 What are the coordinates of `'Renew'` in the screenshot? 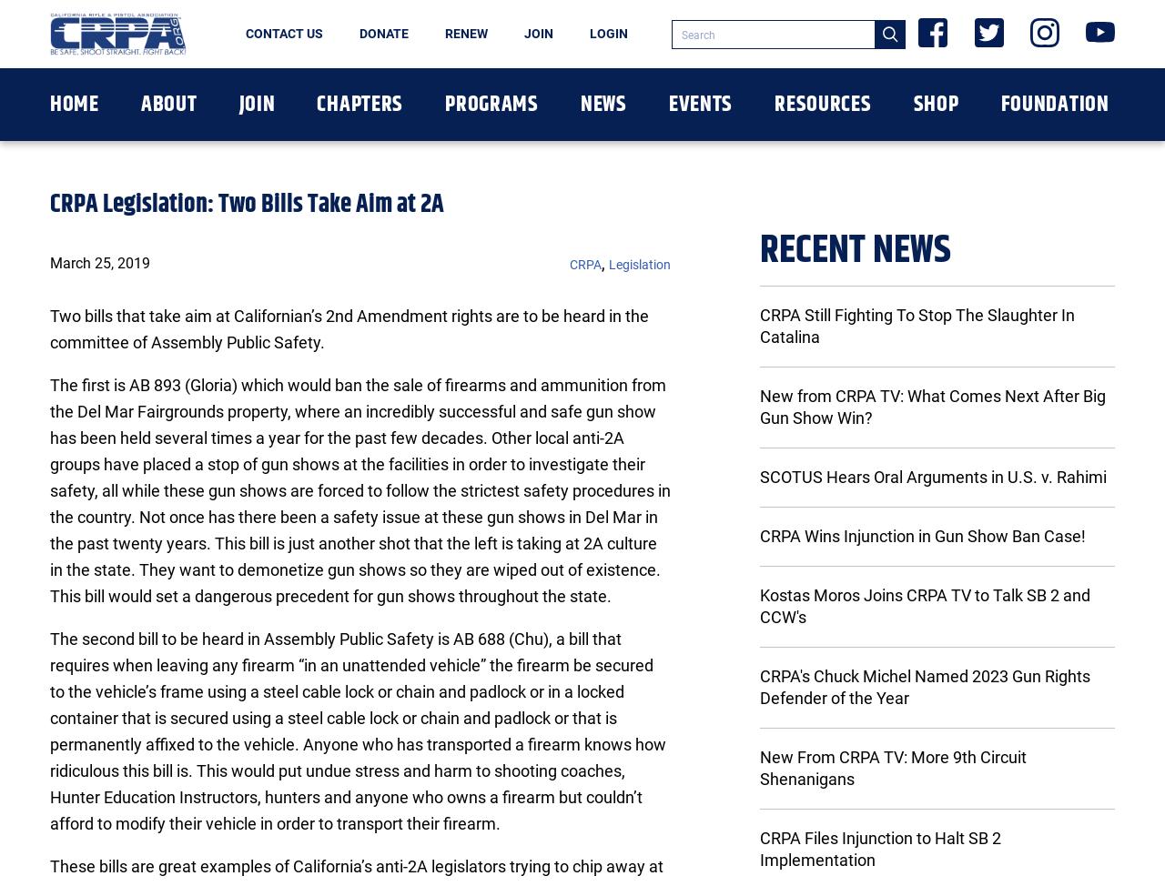 It's located at (466, 34).